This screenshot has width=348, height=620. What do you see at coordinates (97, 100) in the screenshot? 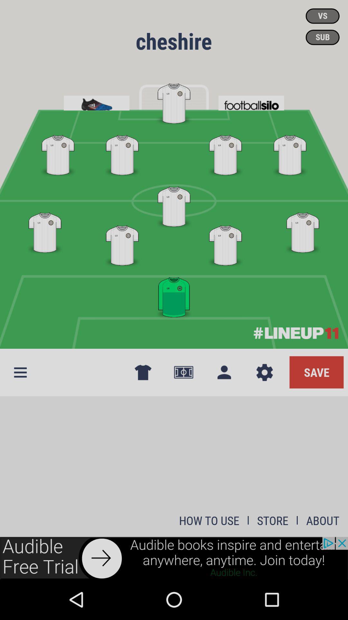
I see `shoe icon on the top left` at bounding box center [97, 100].